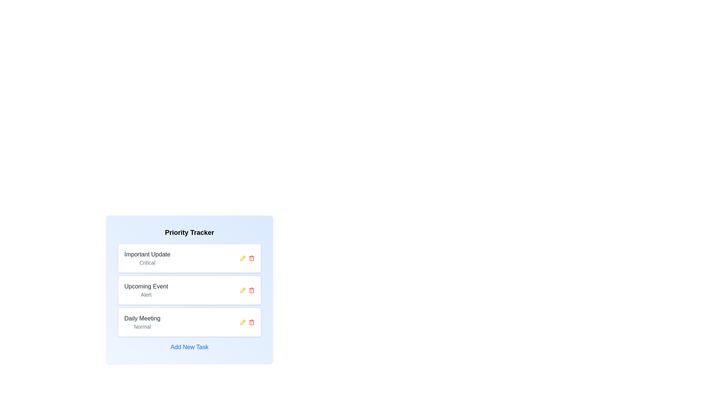 The image size is (715, 402). Describe the element at coordinates (252, 322) in the screenshot. I see `trash icon associated with the chip titled 'Daily Meeting' to remove it` at that location.